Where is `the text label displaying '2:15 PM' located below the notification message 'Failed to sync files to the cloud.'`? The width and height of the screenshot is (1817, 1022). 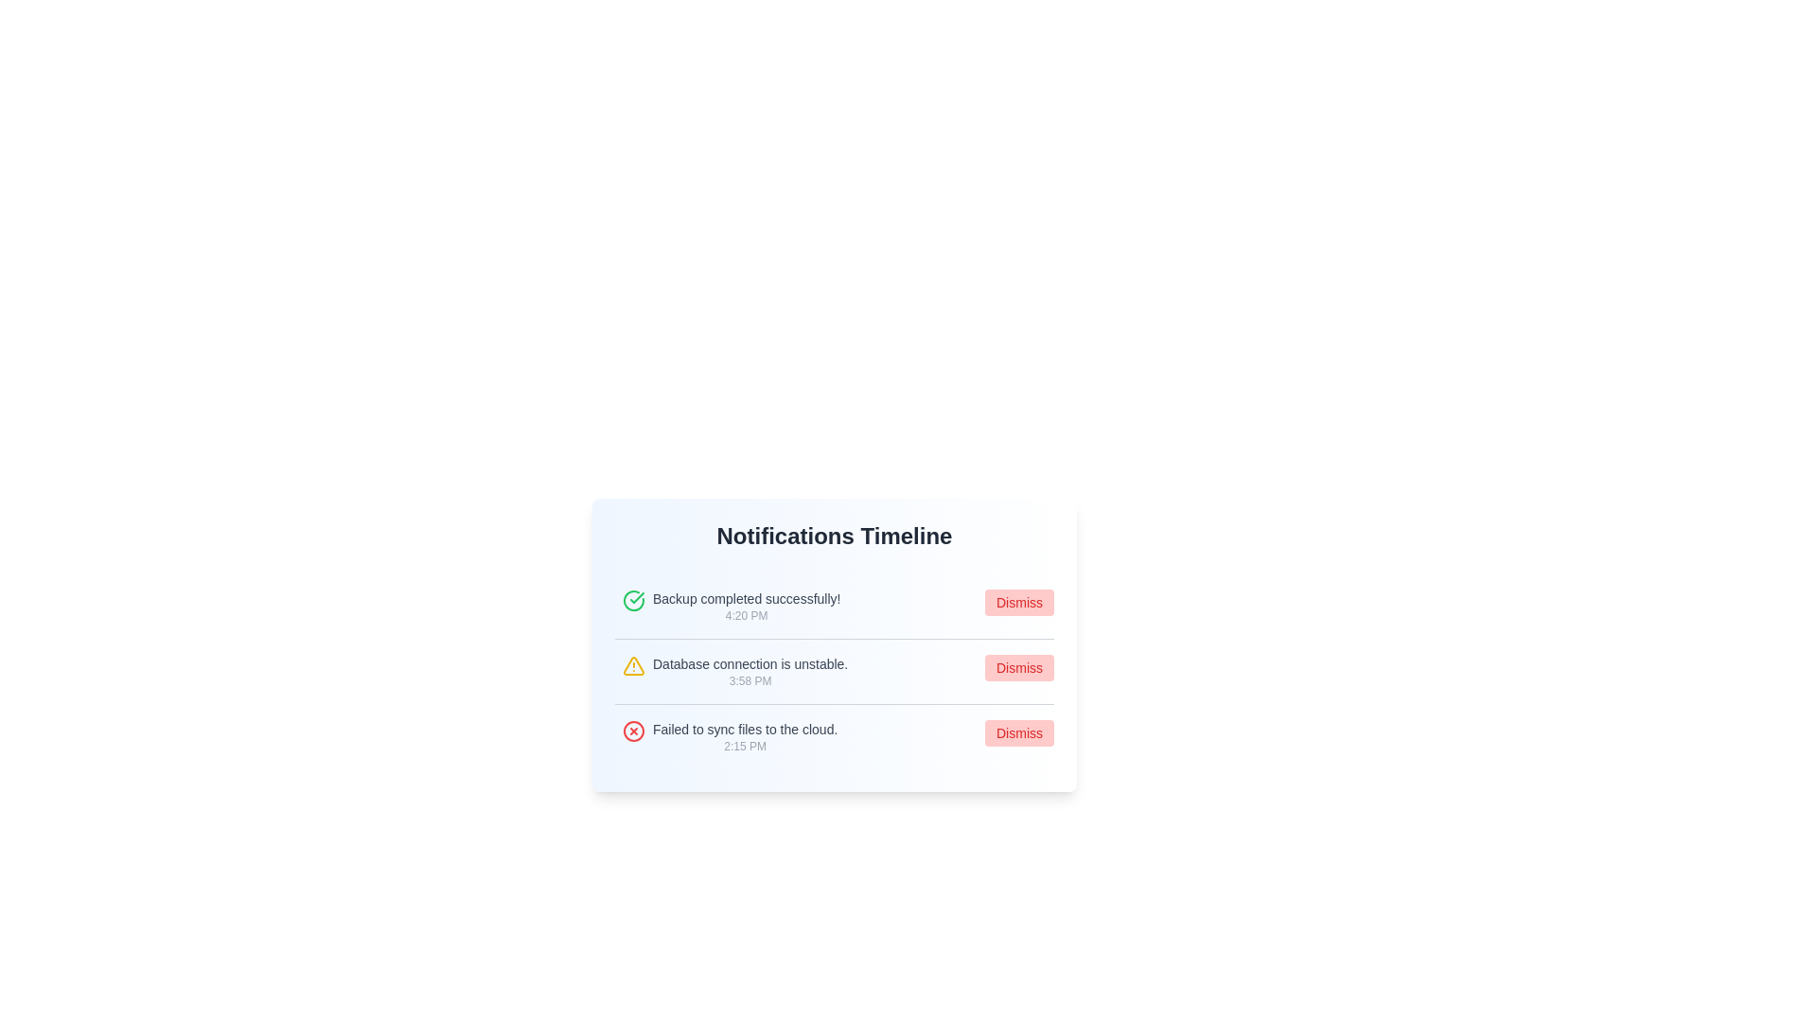 the text label displaying '2:15 PM' located below the notification message 'Failed to sync files to the cloud.' is located at coordinates (744, 746).